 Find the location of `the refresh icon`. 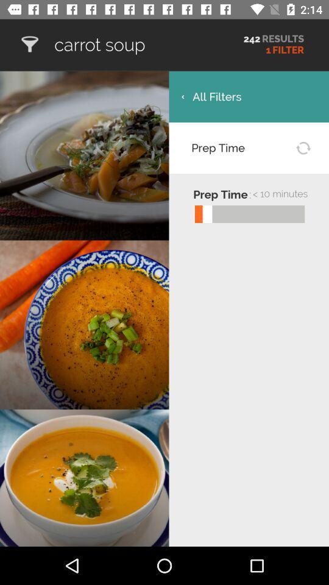

the refresh icon is located at coordinates (302, 147).